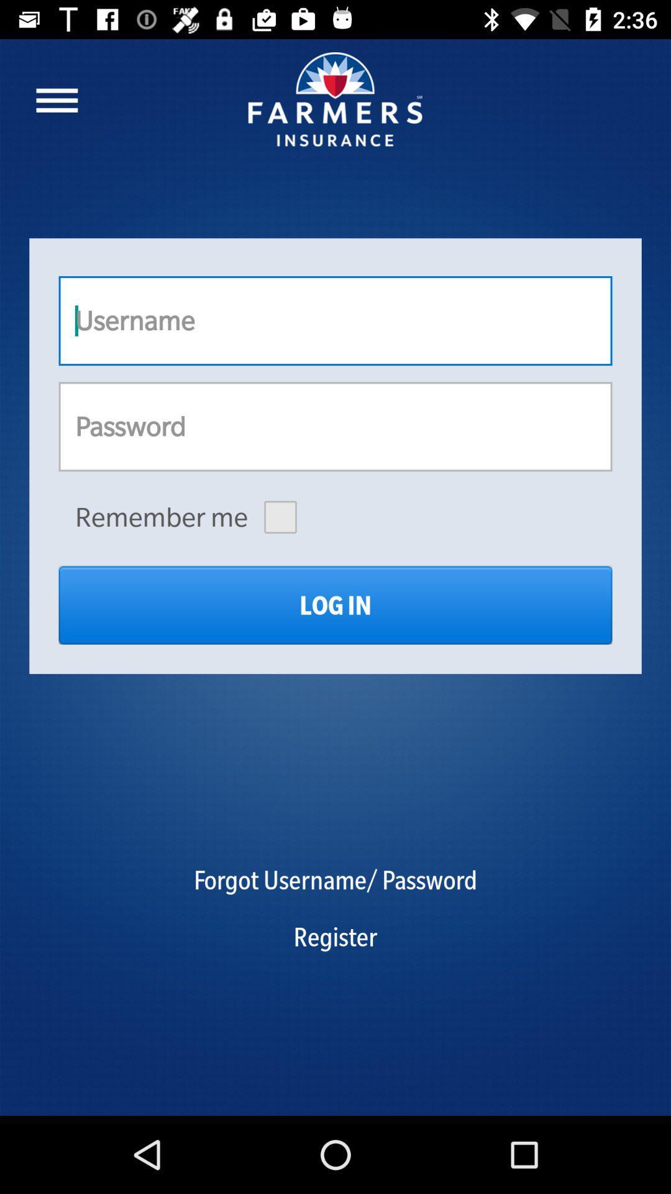 The image size is (671, 1194). I want to click on the menu icon, so click(57, 100).